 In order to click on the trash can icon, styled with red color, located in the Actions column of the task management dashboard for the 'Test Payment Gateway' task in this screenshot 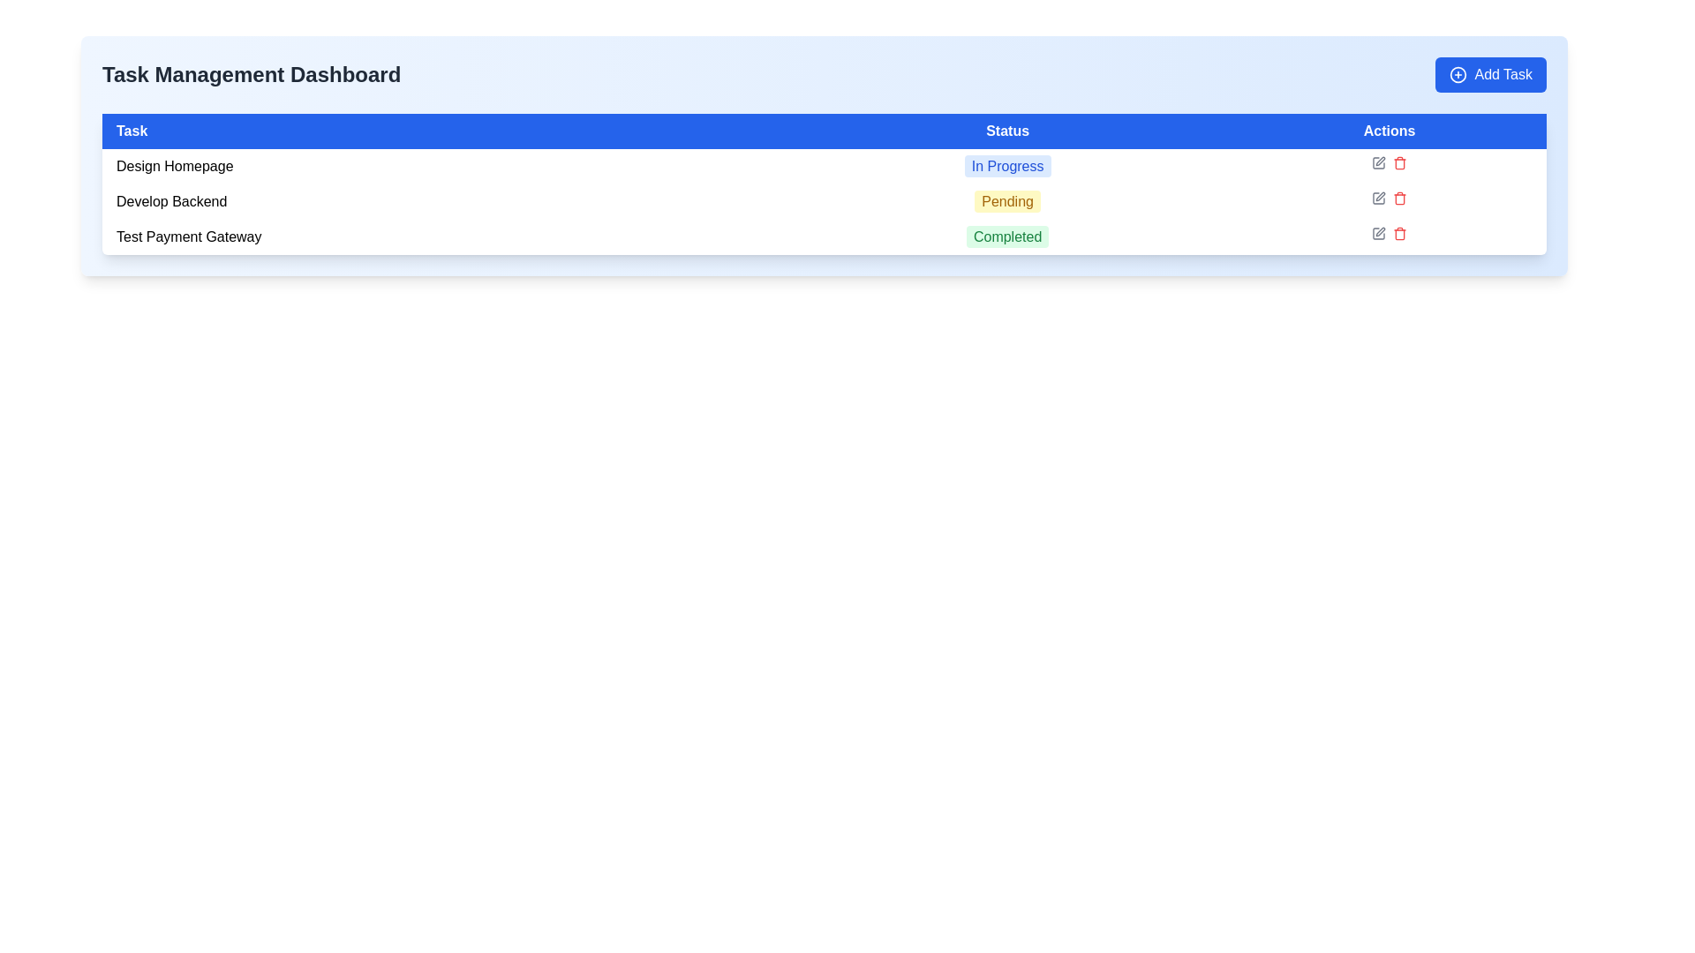, I will do `click(1398, 233)`.